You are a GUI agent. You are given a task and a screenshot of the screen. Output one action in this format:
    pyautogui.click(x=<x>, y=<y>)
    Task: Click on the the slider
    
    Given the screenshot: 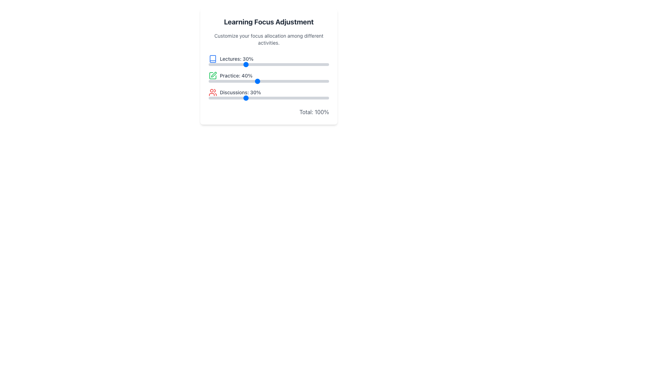 What is the action you would take?
    pyautogui.click(x=321, y=65)
    